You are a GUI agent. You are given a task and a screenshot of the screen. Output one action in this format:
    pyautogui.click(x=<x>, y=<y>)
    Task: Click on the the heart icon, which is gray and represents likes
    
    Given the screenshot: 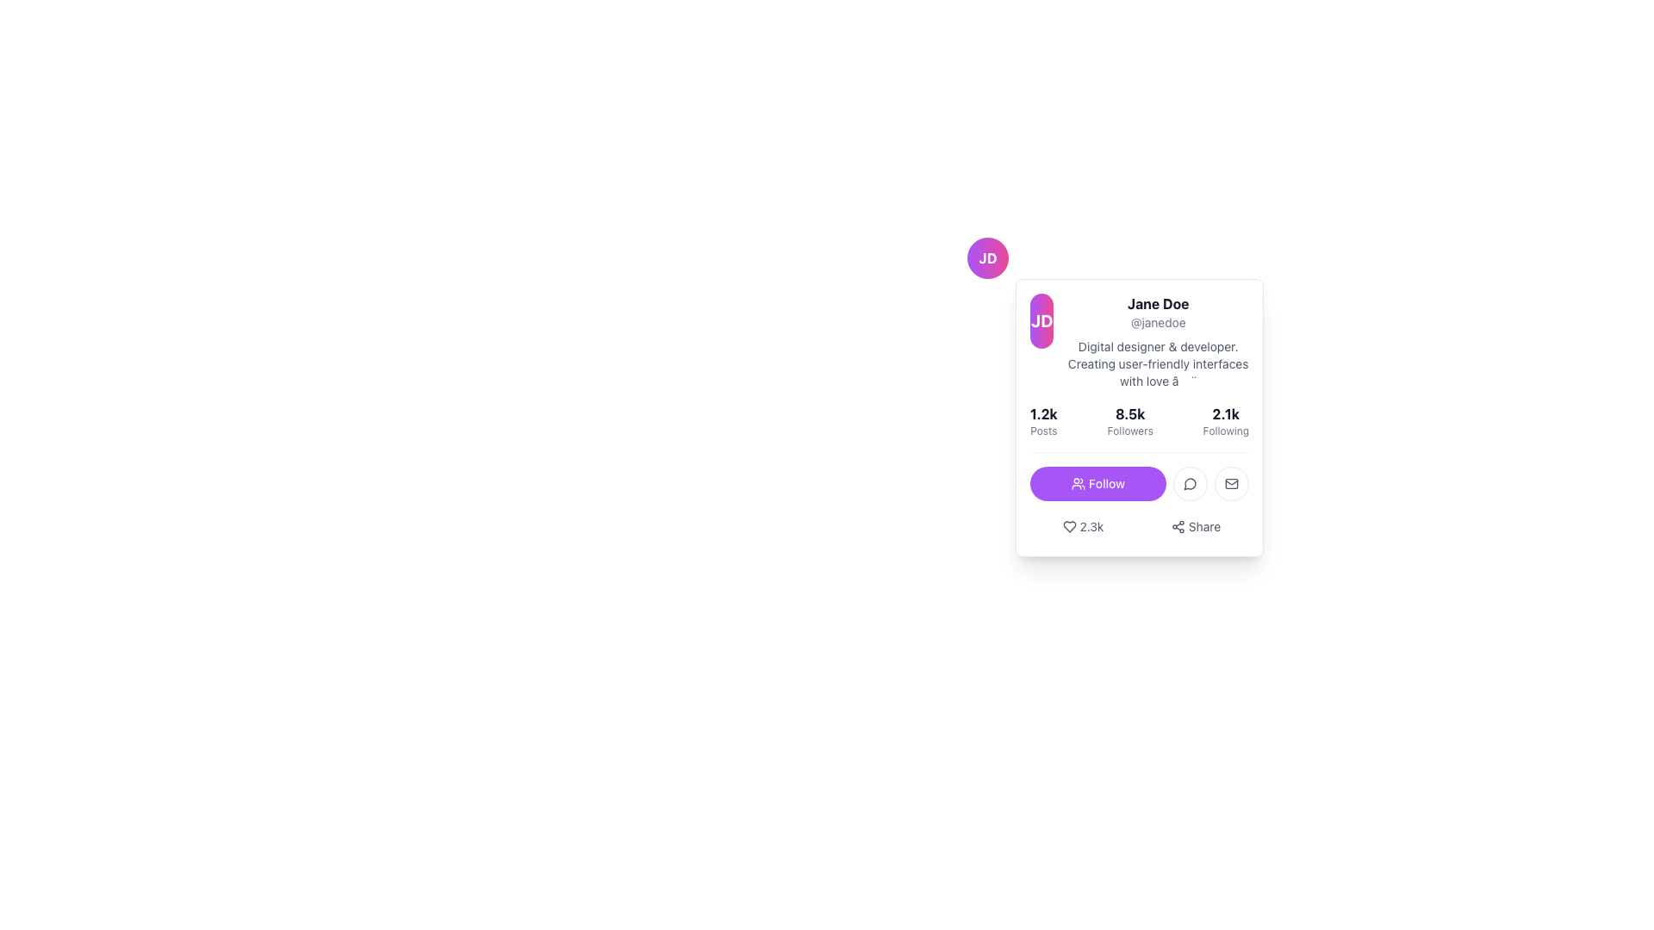 What is the action you would take?
    pyautogui.click(x=1068, y=526)
    